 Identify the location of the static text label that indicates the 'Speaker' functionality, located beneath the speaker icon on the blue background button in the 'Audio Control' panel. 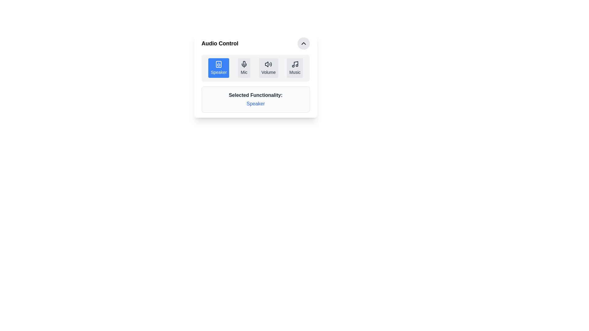
(219, 72).